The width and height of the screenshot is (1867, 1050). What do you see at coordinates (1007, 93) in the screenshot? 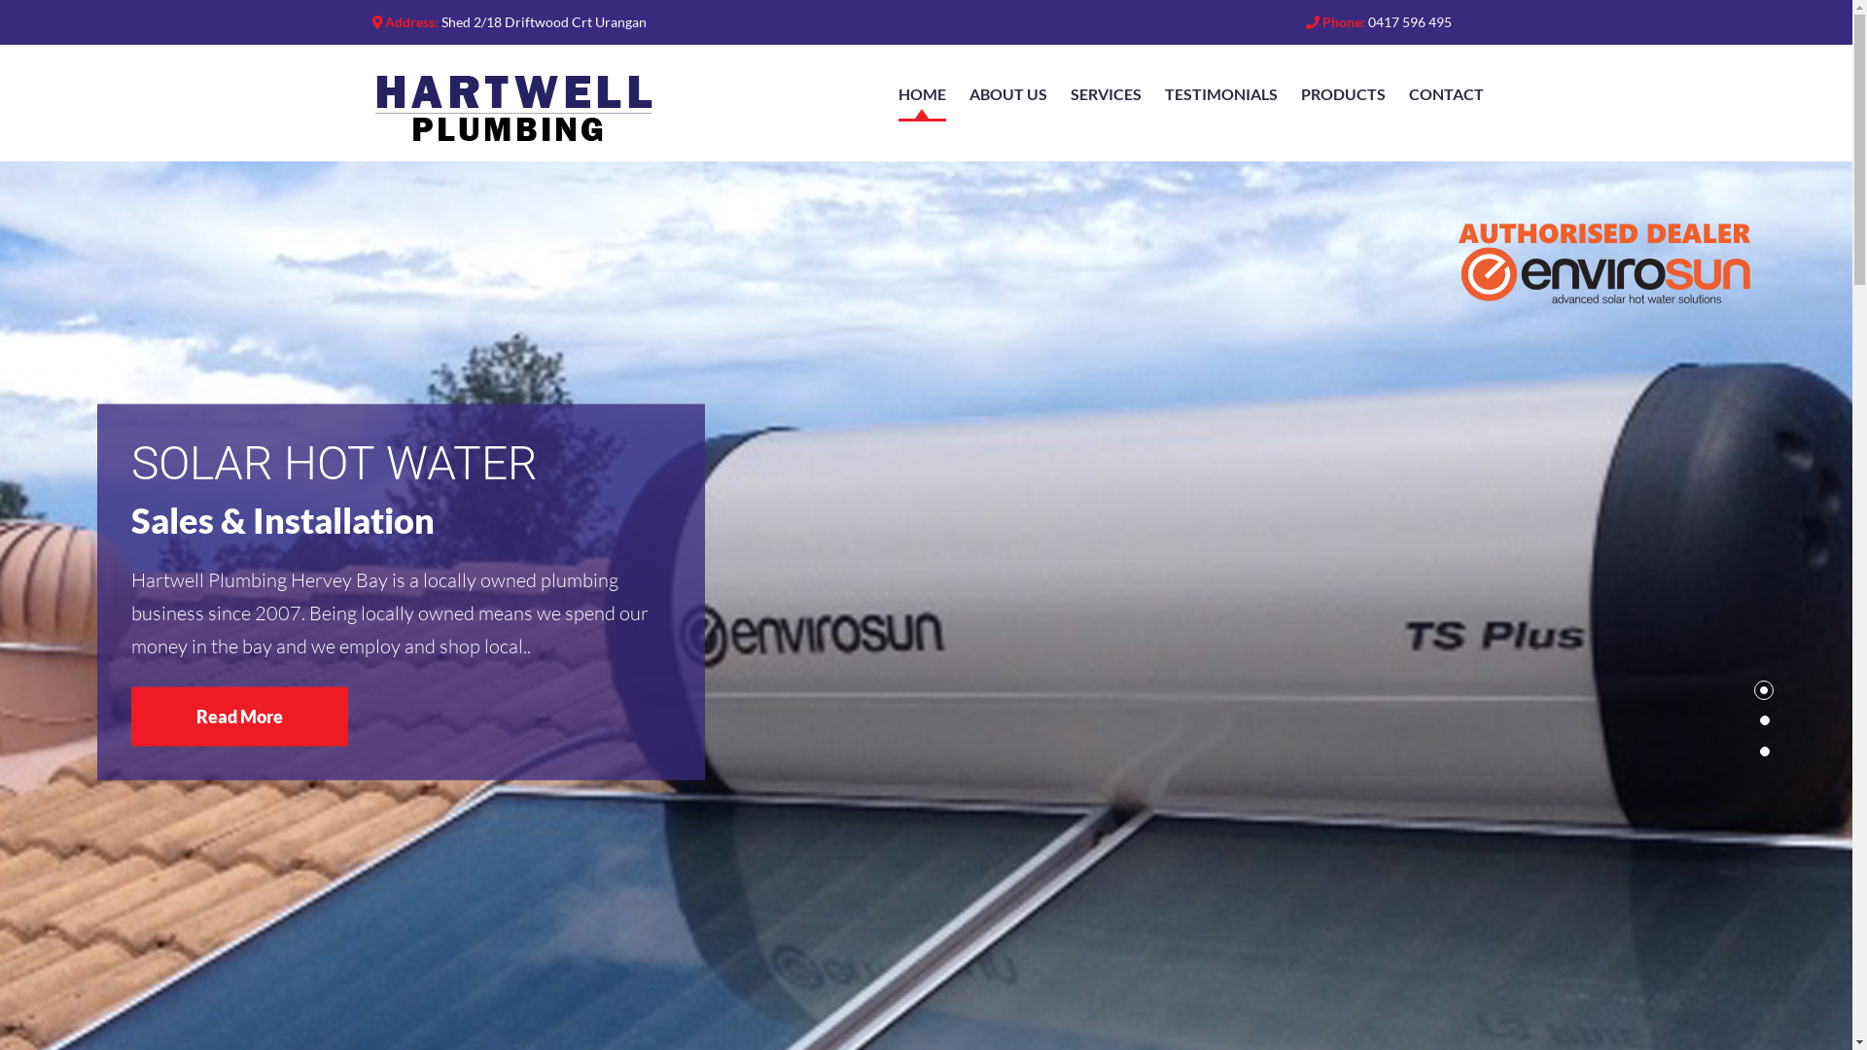
I see `'ABOUT US'` at bounding box center [1007, 93].